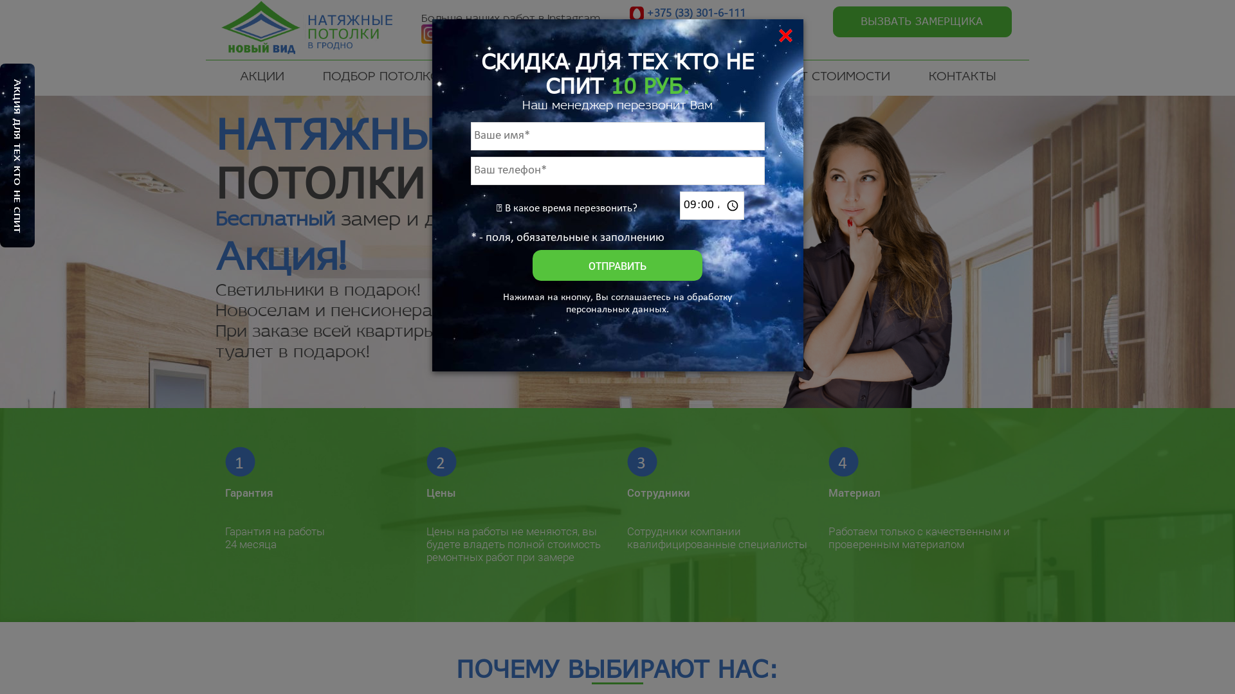  What do you see at coordinates (515, 45) in the screenshot?
I see `'@potolok_new_grodno'` at bounding box center [515, 45].